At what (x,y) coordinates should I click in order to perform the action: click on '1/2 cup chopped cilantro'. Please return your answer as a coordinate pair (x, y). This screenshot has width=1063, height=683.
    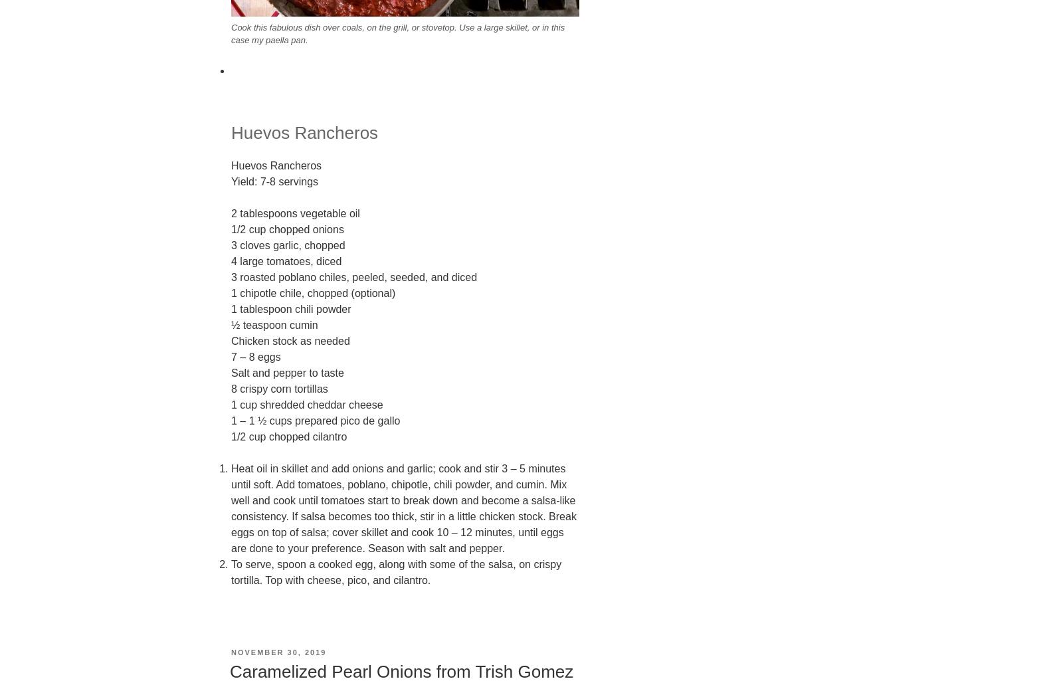
    Looking at the image, I should click on (231, 436).